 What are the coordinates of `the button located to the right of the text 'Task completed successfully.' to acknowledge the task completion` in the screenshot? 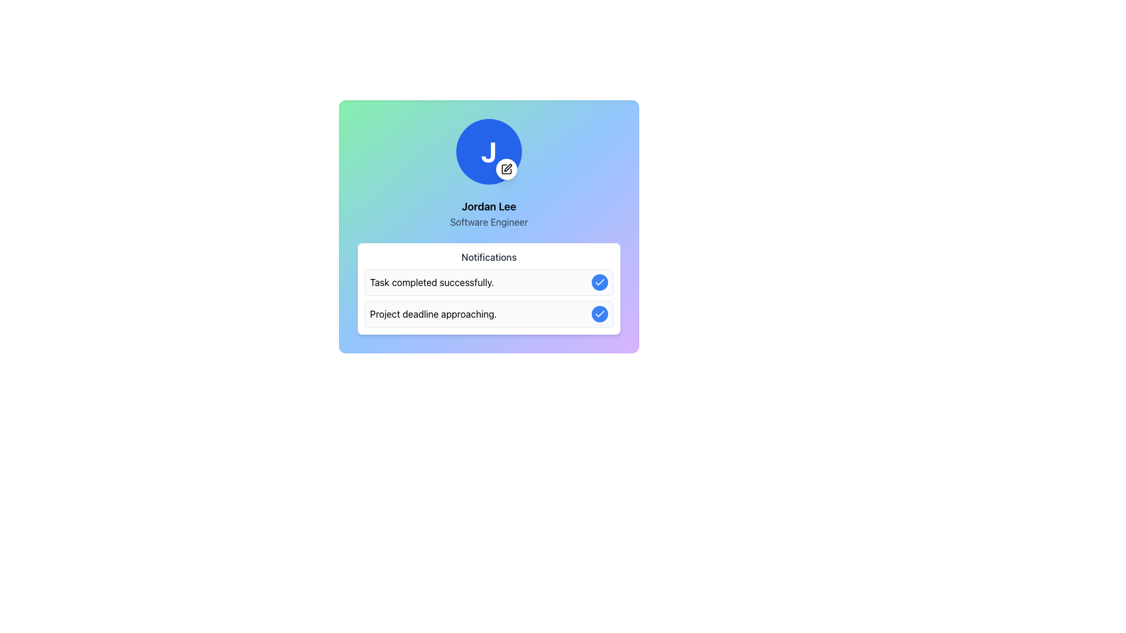 It's located at (599, 283).